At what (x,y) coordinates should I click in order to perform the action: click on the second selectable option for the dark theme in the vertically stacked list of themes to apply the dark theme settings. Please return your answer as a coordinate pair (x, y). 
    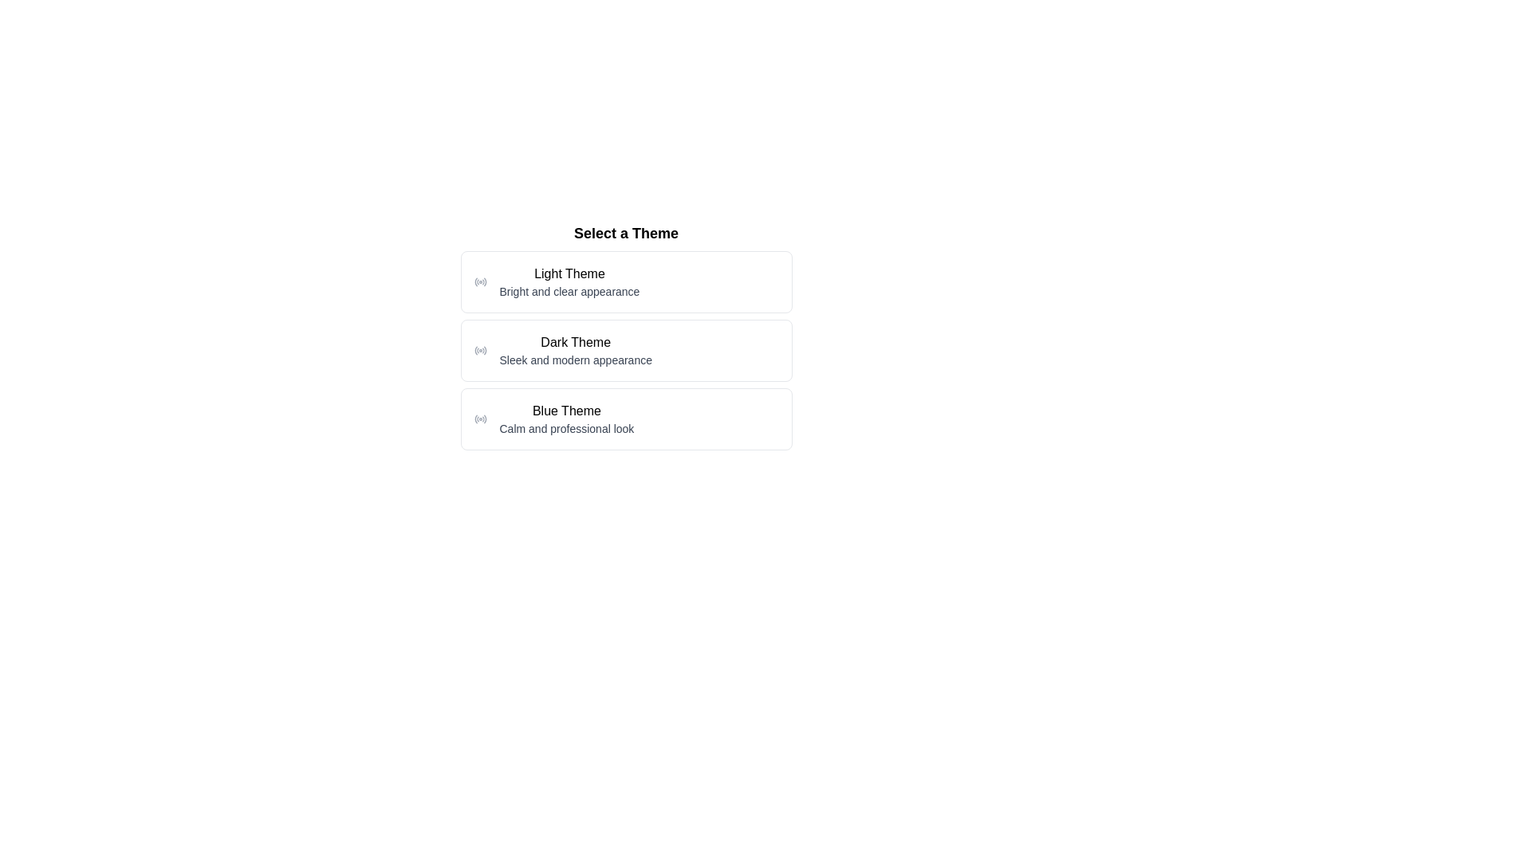
    Looking at the image, I should click on (625, 349).